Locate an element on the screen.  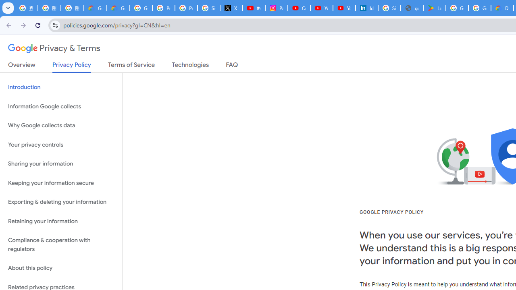
'Information Google collects' is located at coordinates (61, 106).